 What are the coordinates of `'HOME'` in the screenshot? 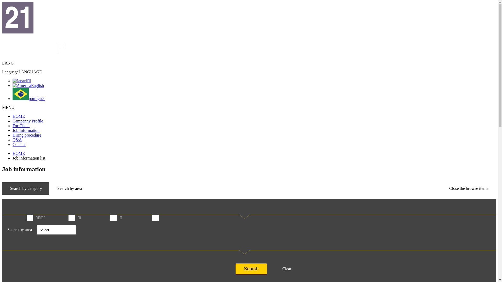 It's located at (13, 116).